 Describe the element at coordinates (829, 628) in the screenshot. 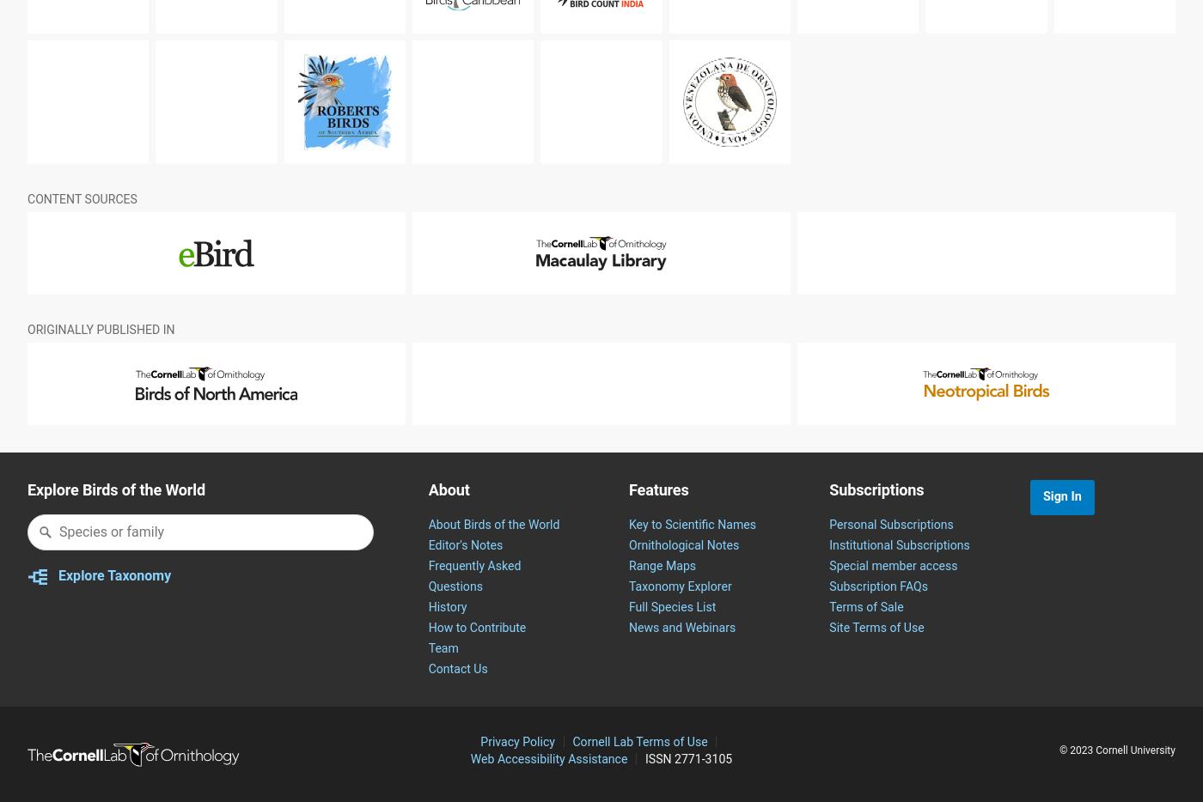

I see `'Subscription FAQs'` at that location.